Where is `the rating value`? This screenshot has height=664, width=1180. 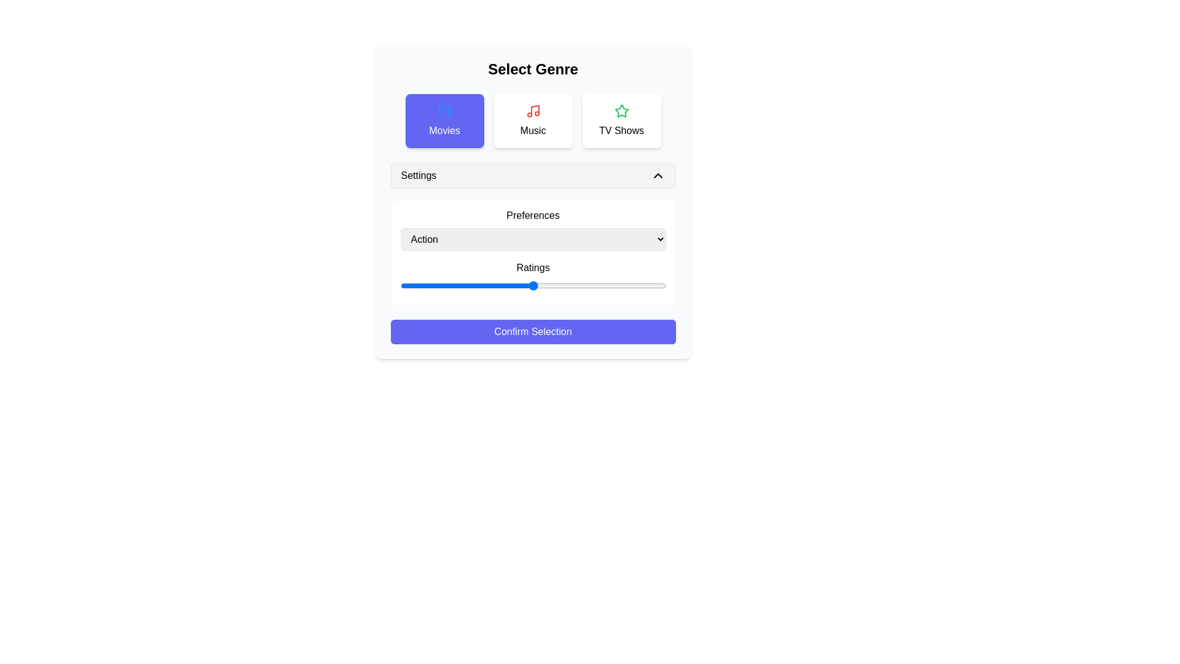
the rating value is located at coordinates (591, 286).